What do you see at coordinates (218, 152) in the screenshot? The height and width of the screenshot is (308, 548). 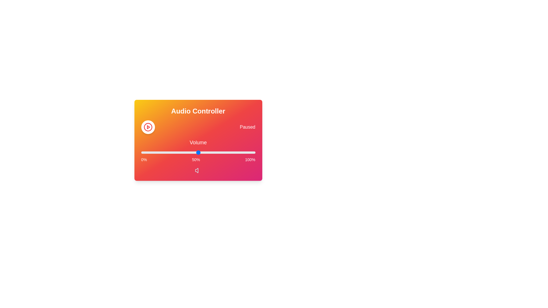 I see `the volume slider to 68%` at bounding box center [218, 152].